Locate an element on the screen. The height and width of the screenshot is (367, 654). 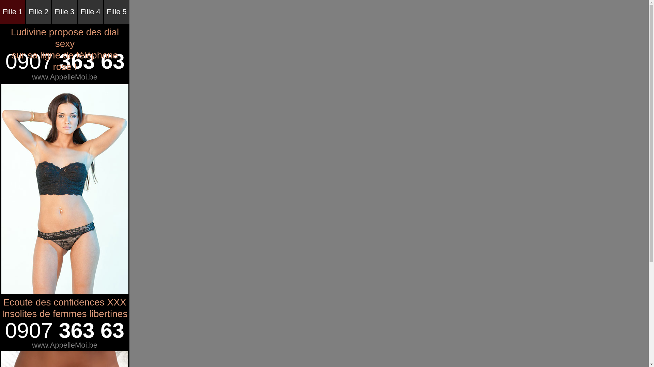
'0907 363 63' is located at coordinates (65, 62).